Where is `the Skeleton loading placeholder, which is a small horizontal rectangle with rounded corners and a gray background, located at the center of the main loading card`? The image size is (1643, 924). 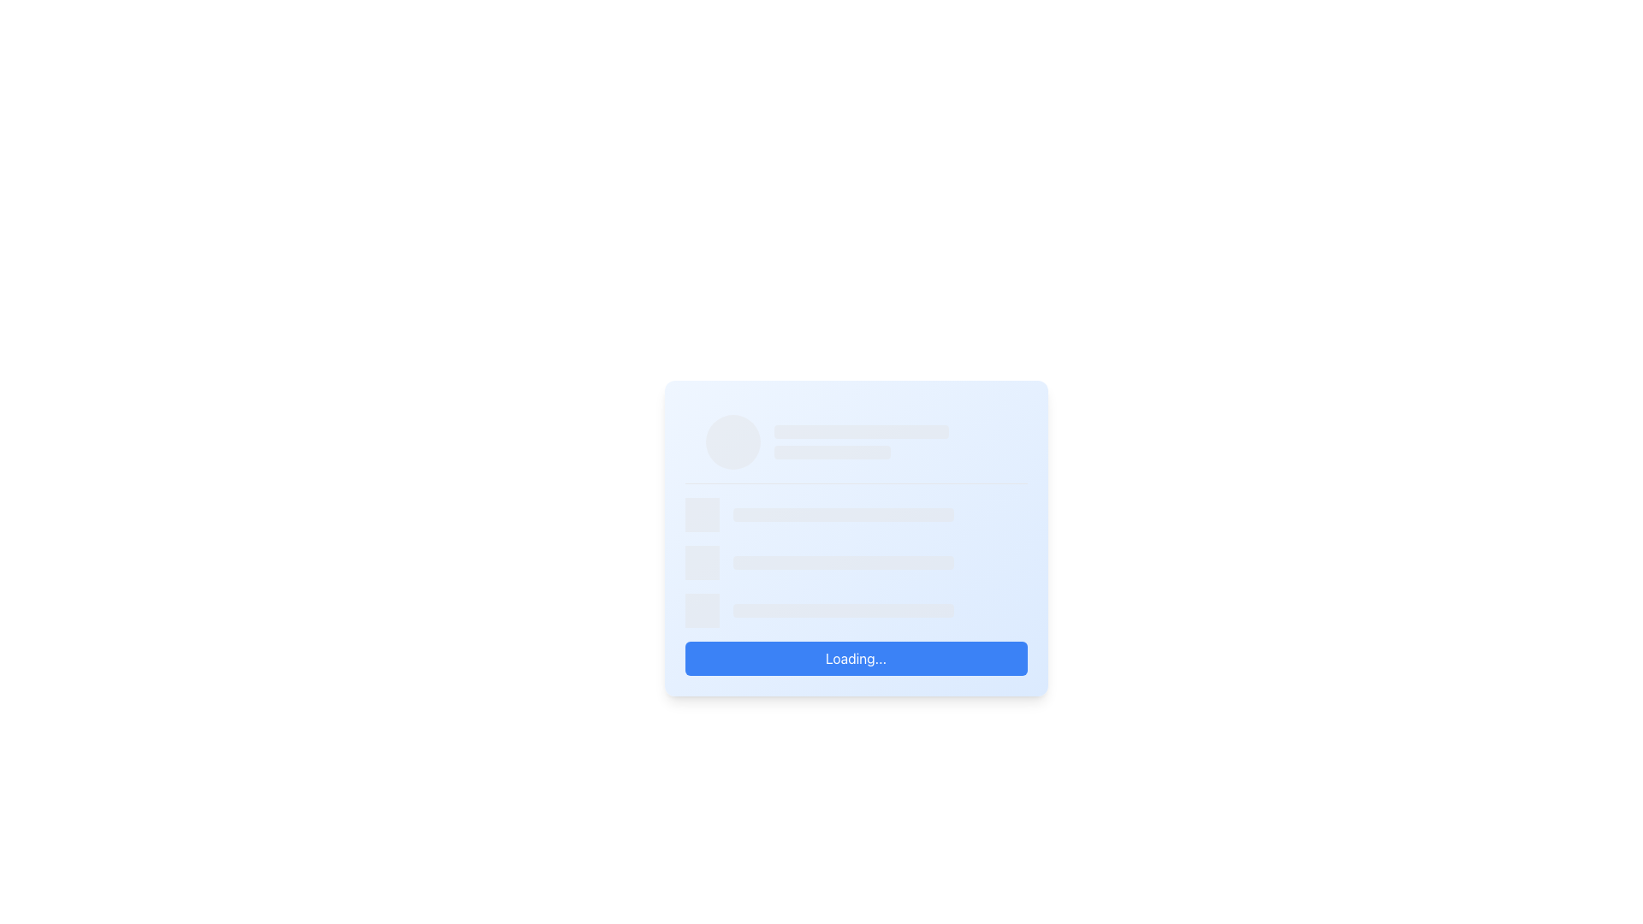
the Skeleton loading placeholder, which is a small horizontal rectangle with rounded corners and a gray background, located at the center of the main loading card is located at coordinates (843, 563).